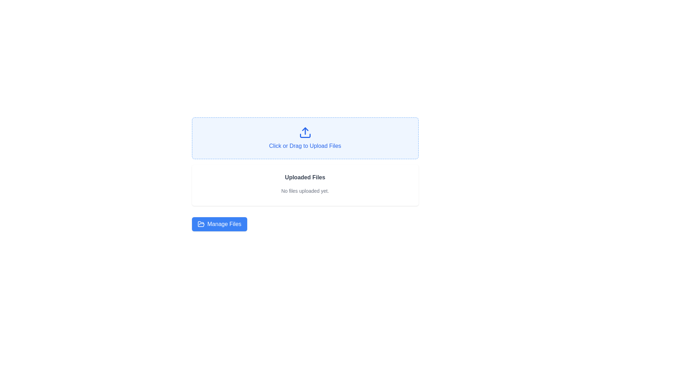 This screenshot has width=680, height=382. I want to click on the Text Display that indicates the status of uploaded files, located below the 'Click or Drag to Upload Files' section and above the 'Manage Files' button, so click(305, 177).